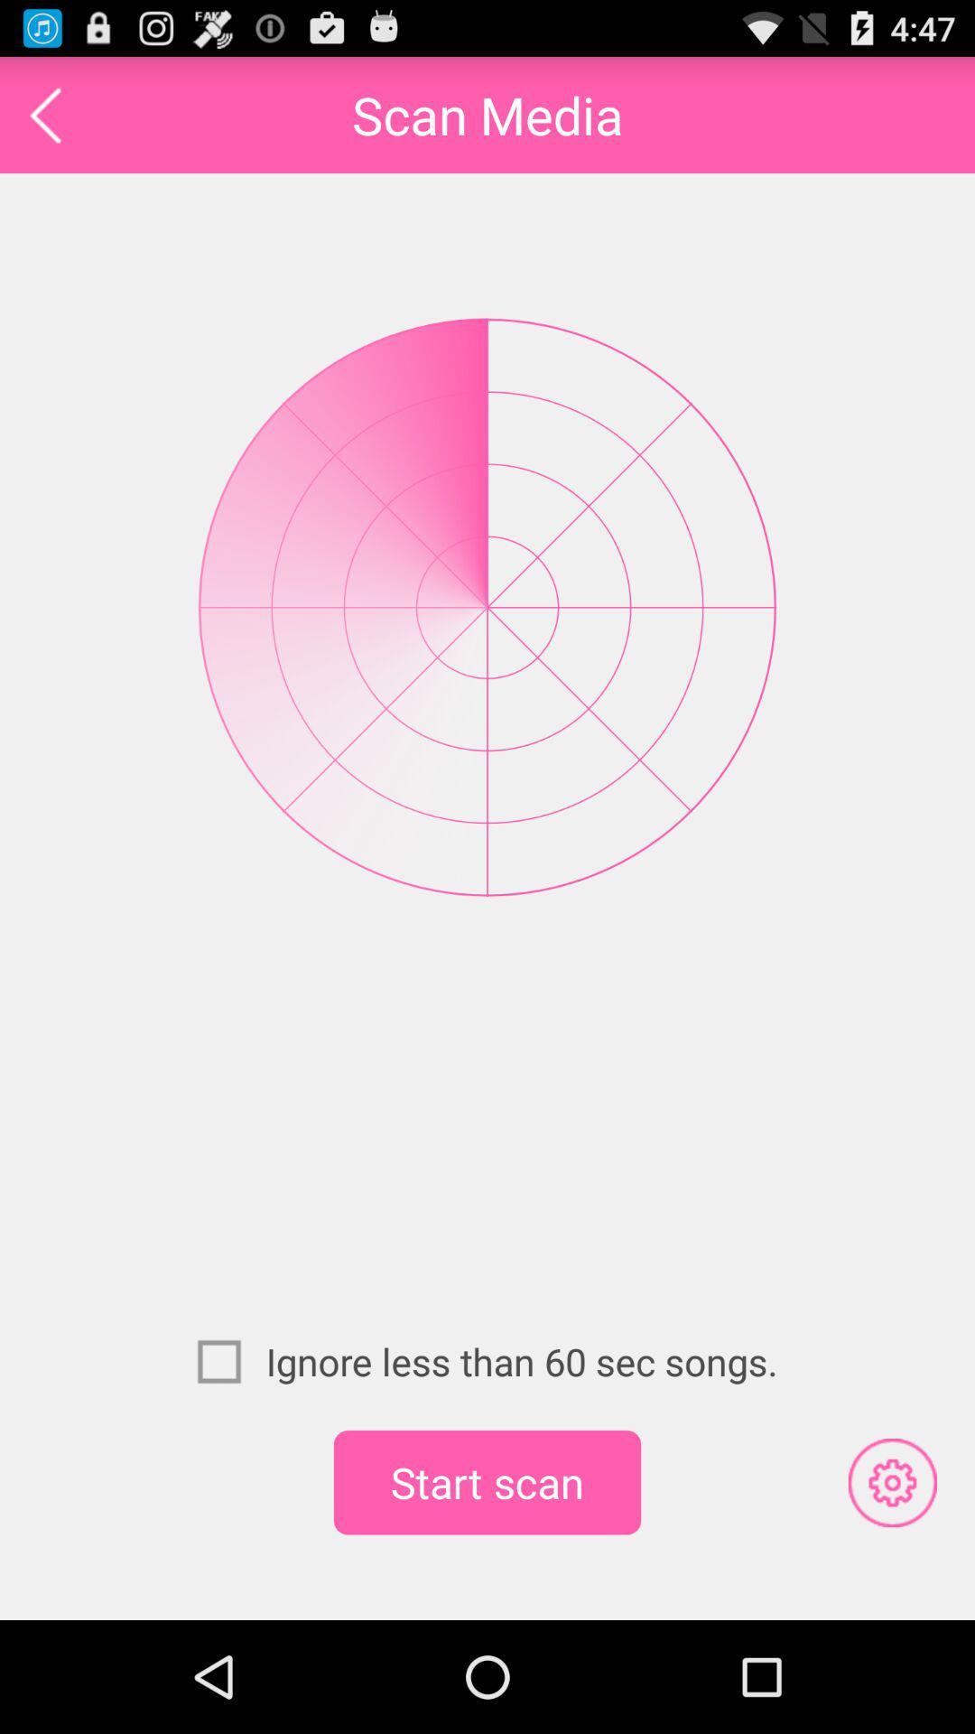 This screenshot has height=1734, width=975. What do you see at coordinates (44, 122) in the screenshot?
I see `the arrow_backward icon` at bounding box center [44, 122].